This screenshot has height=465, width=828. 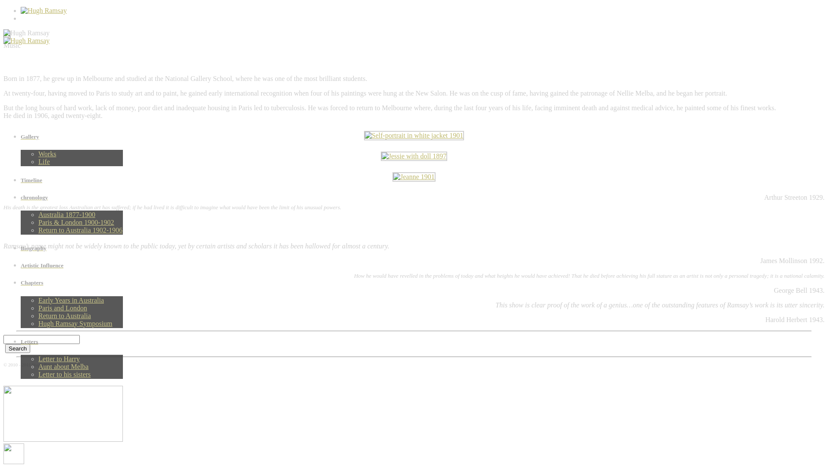 I want to click on 'Australia 1877-1900', so click(x=66, y=214).